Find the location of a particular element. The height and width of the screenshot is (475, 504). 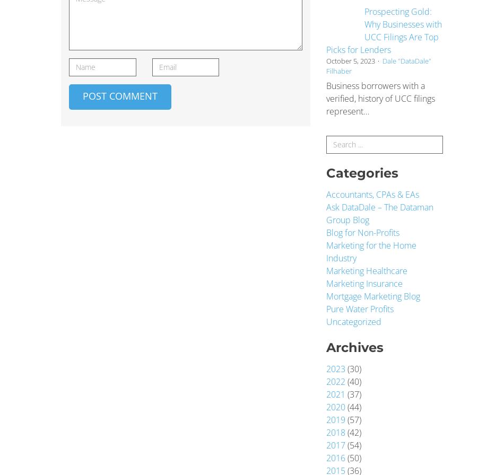

'Marketing Insurance' is located at coordinates (364, 283).